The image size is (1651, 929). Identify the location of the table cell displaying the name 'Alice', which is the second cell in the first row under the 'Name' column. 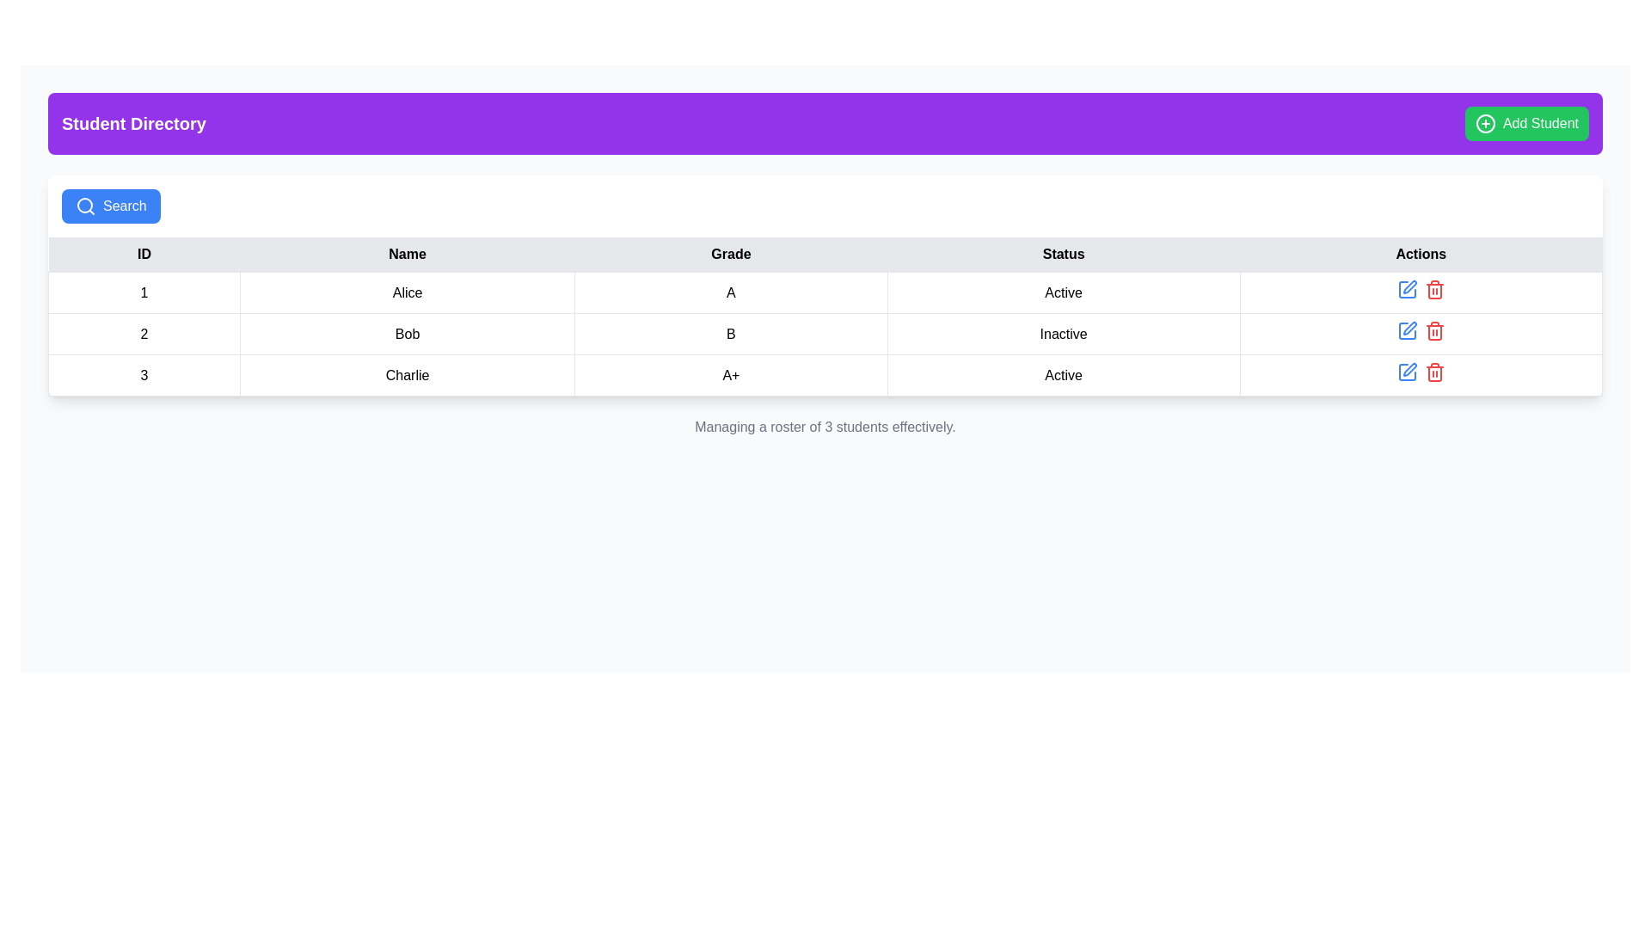
(407, 292).